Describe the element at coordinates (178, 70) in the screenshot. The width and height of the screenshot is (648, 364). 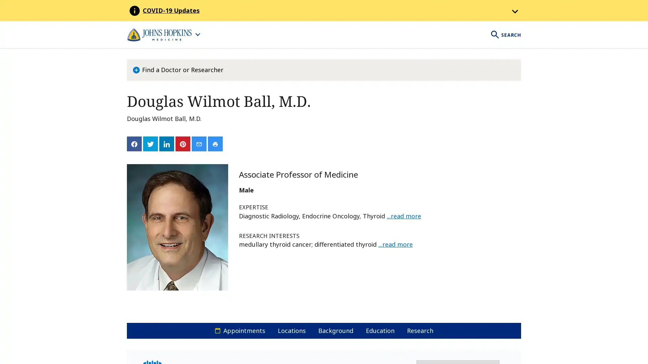
I see `Find a Doctor or Researcher` at that location.